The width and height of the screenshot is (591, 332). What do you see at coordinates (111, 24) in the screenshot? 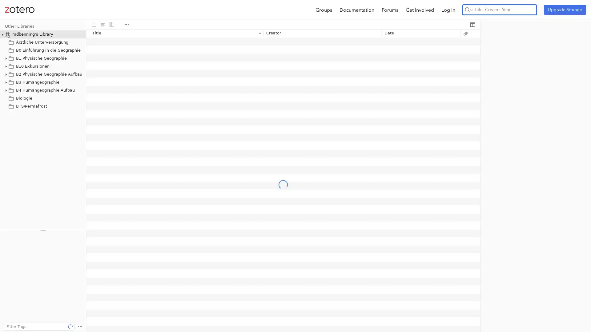
I see `Create Bibliography` at bounding box center [111, 24].